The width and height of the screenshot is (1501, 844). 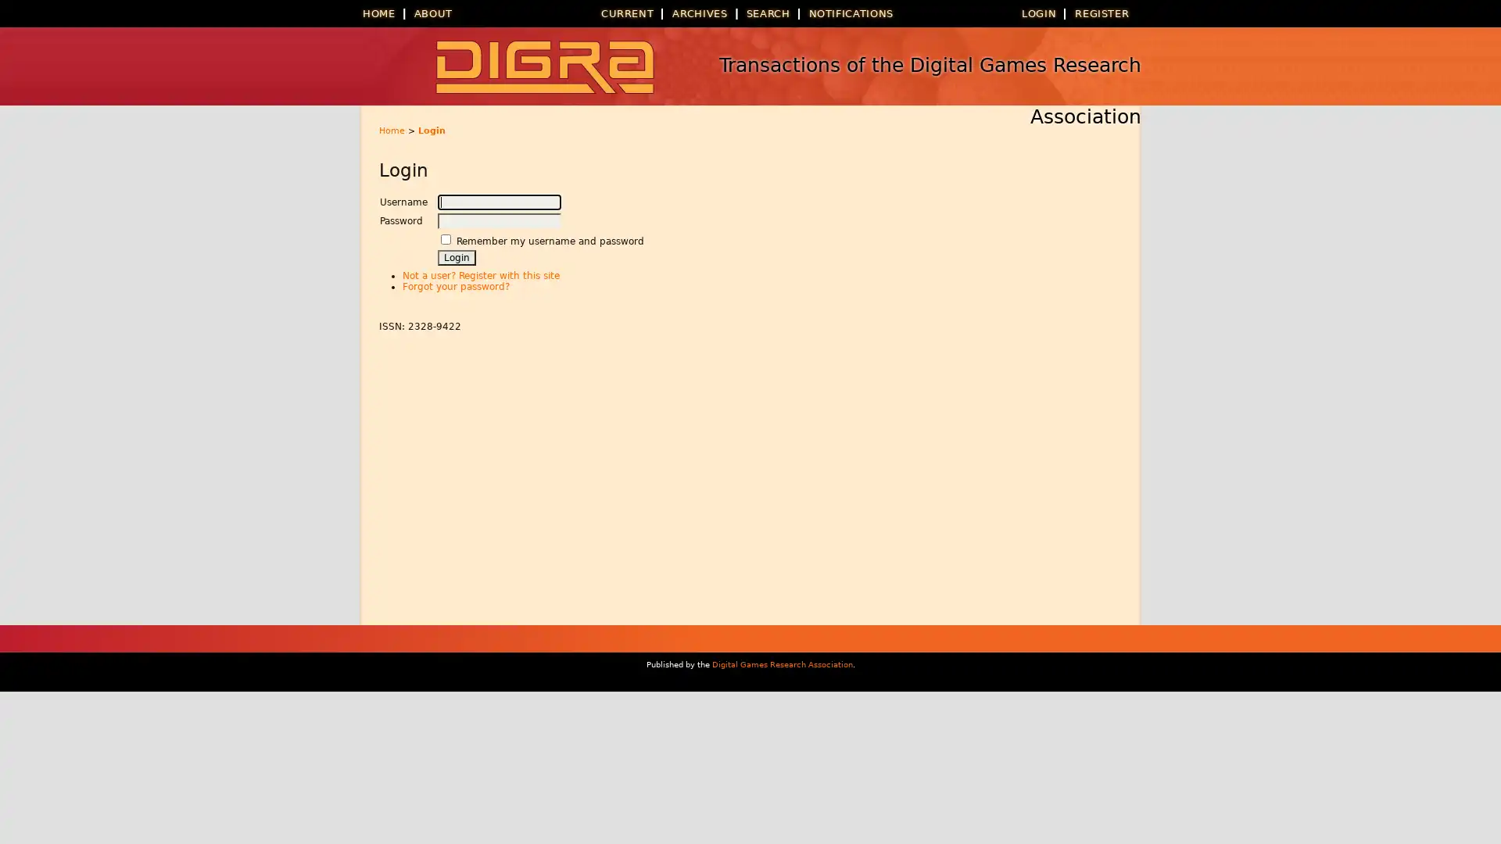 What do you see at coordinates (456, 257) in the screenshot?
I see `Login` at bounding box center [456, 257].